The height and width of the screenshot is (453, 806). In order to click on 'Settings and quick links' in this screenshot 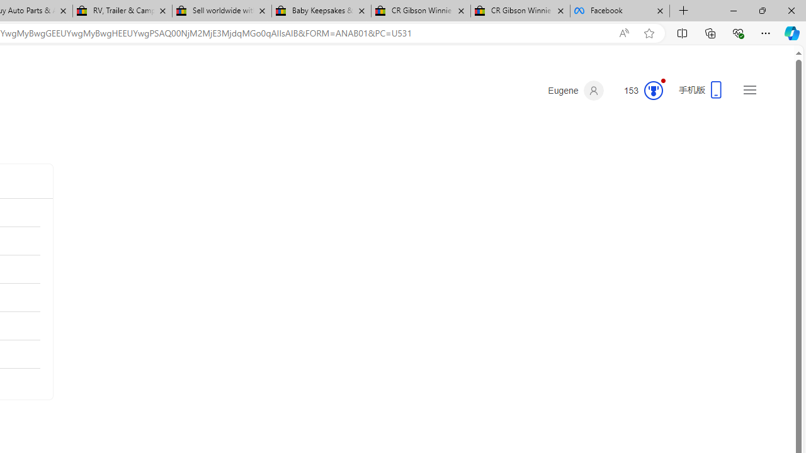, I will do `click(750, 89)`.